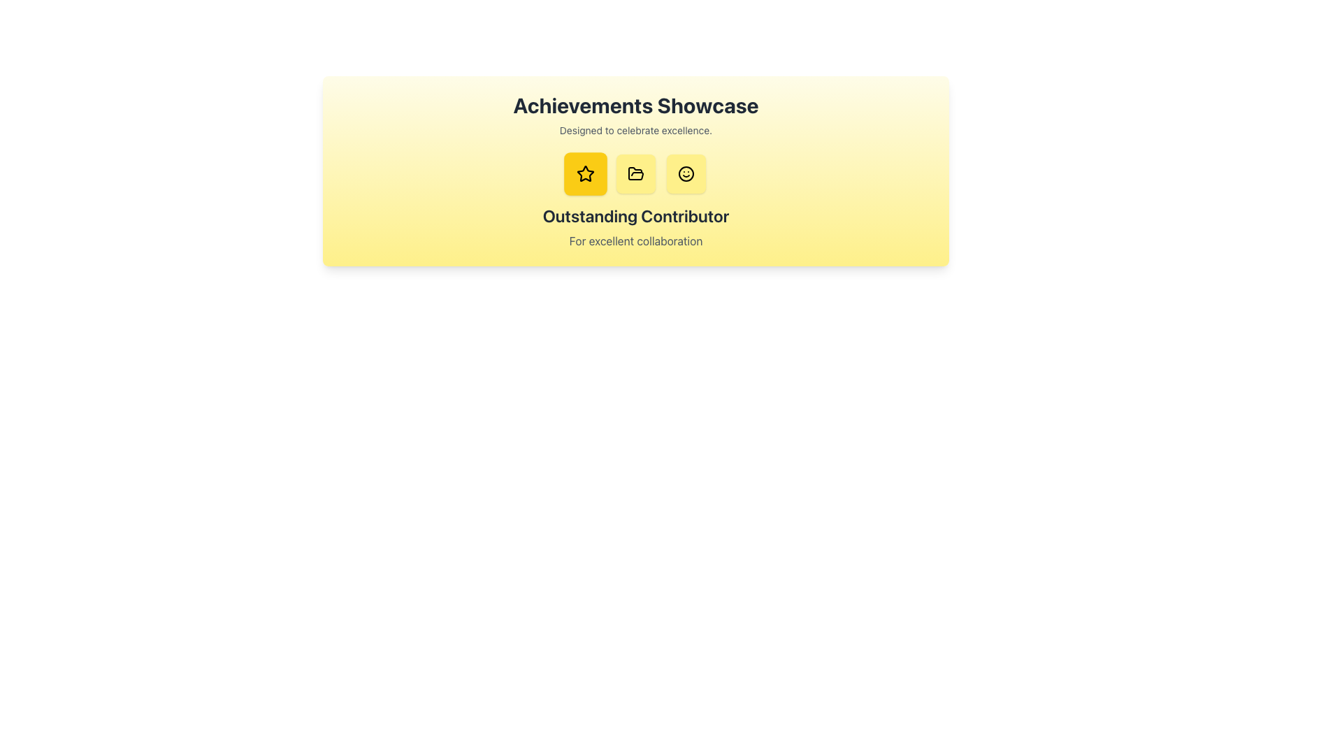 The image size is (1342, 755). Describe the element at coordinates (635, 173) in the screenshot. I see `the light yellow button with a black folder icon in the center, located in the middle section of the 'Achievements Showcase' card` at that location.